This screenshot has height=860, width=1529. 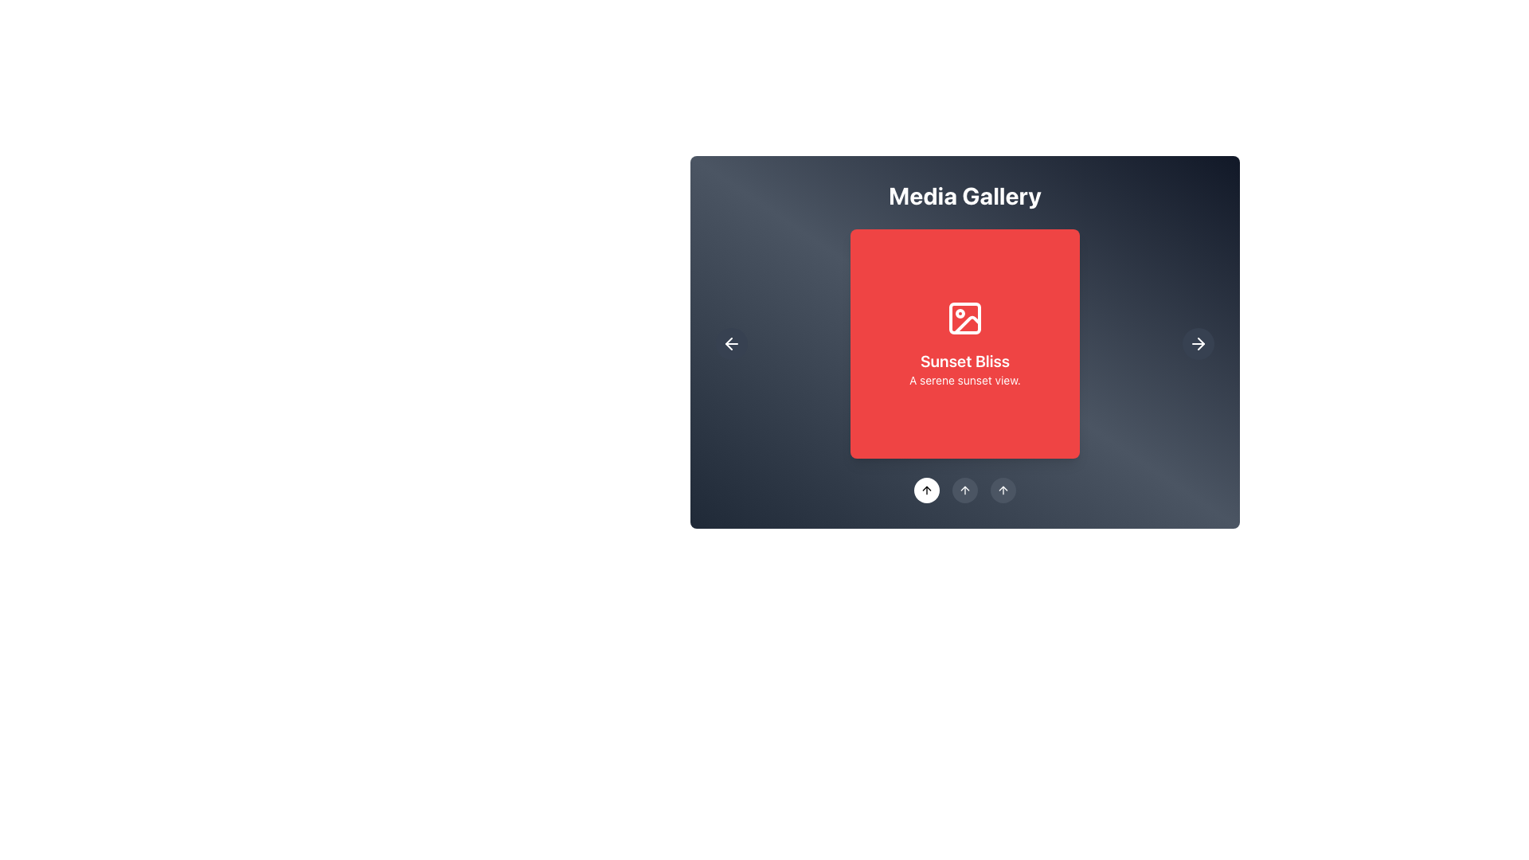 What do you see at coordinates (964, 381) in the screenshot?
I see `the second text element within the red card that serves as a description for the title 'Sunset Bliss', located directly underneath the title` at bounding box center [964, 381].